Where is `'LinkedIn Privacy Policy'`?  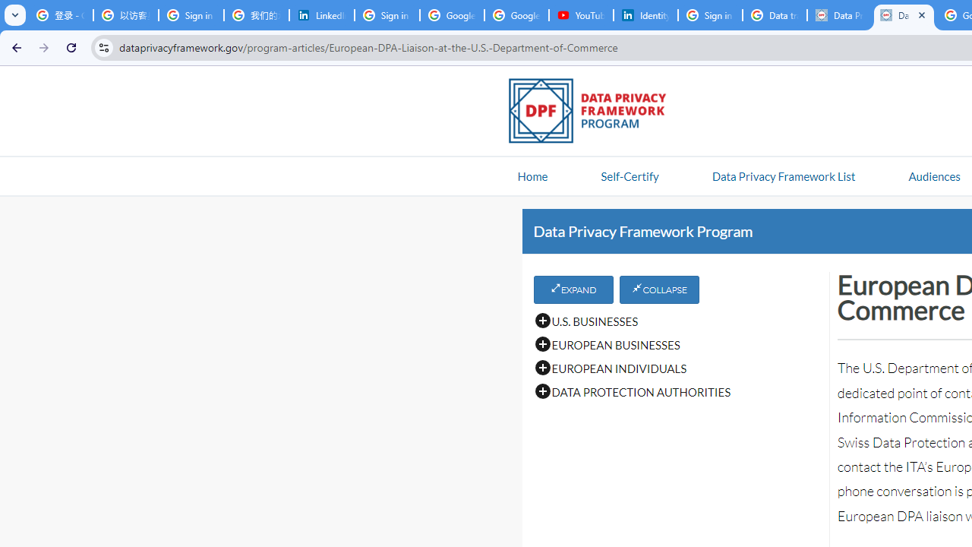
'LinkedIn Privacy Policy' is located at coordinates (321, 15).